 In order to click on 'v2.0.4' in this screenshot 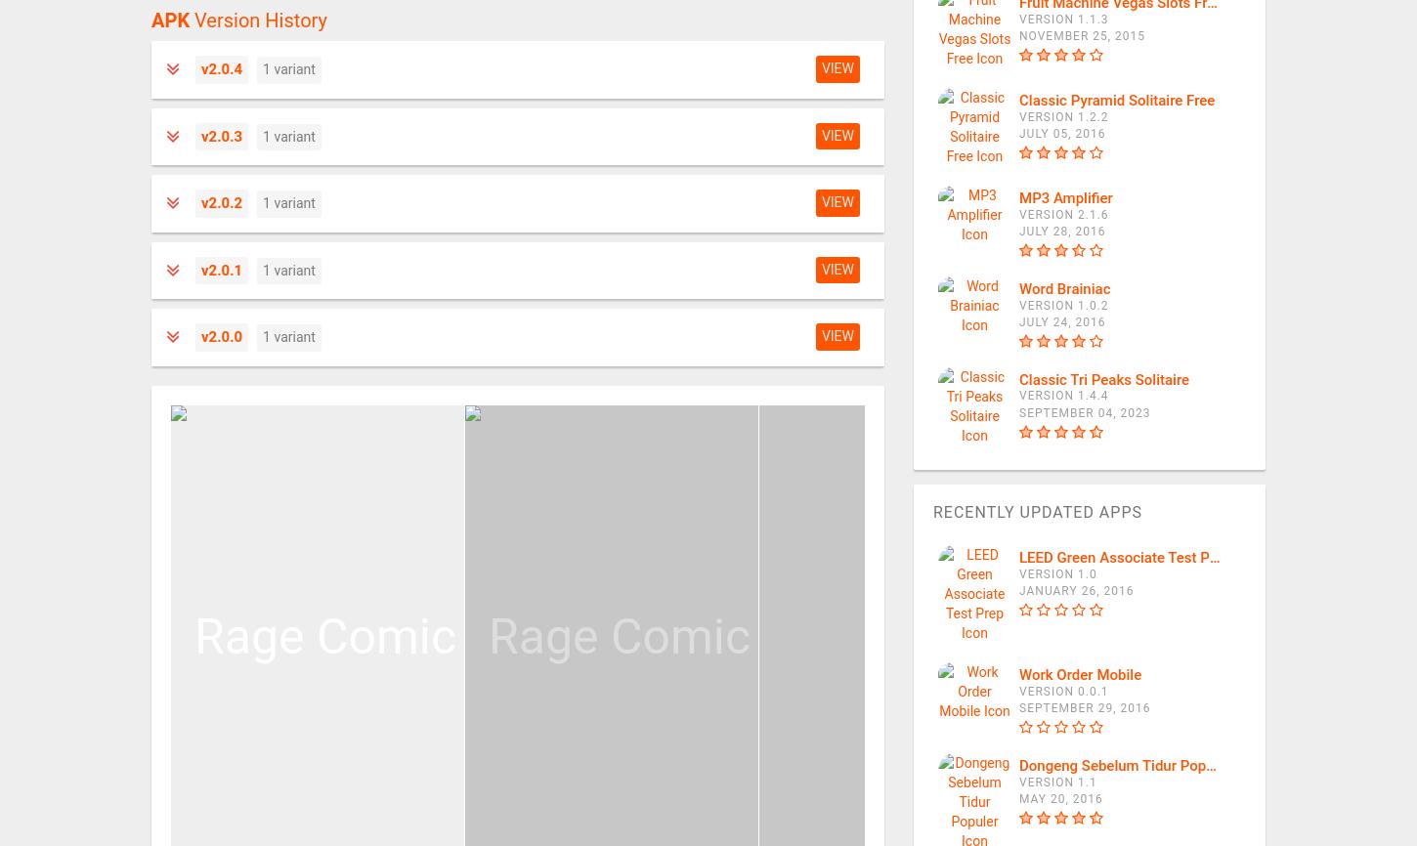, I will do `click(221, 69)`.